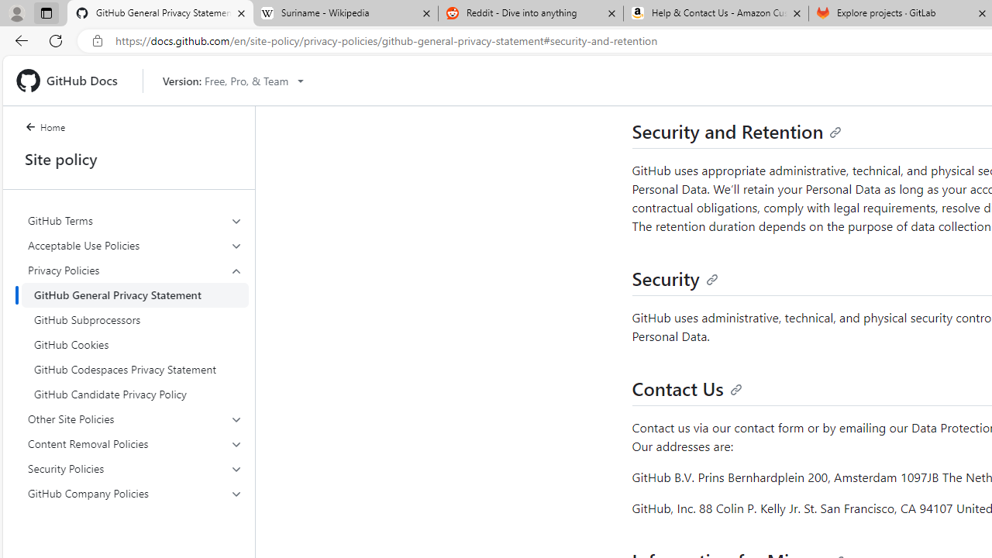 This screenshot has width=992, height=558. What do you see at coordinates (135, 221) in the screenshot?
I see `'GitHub Terms'` at bounding box center [135, 221].